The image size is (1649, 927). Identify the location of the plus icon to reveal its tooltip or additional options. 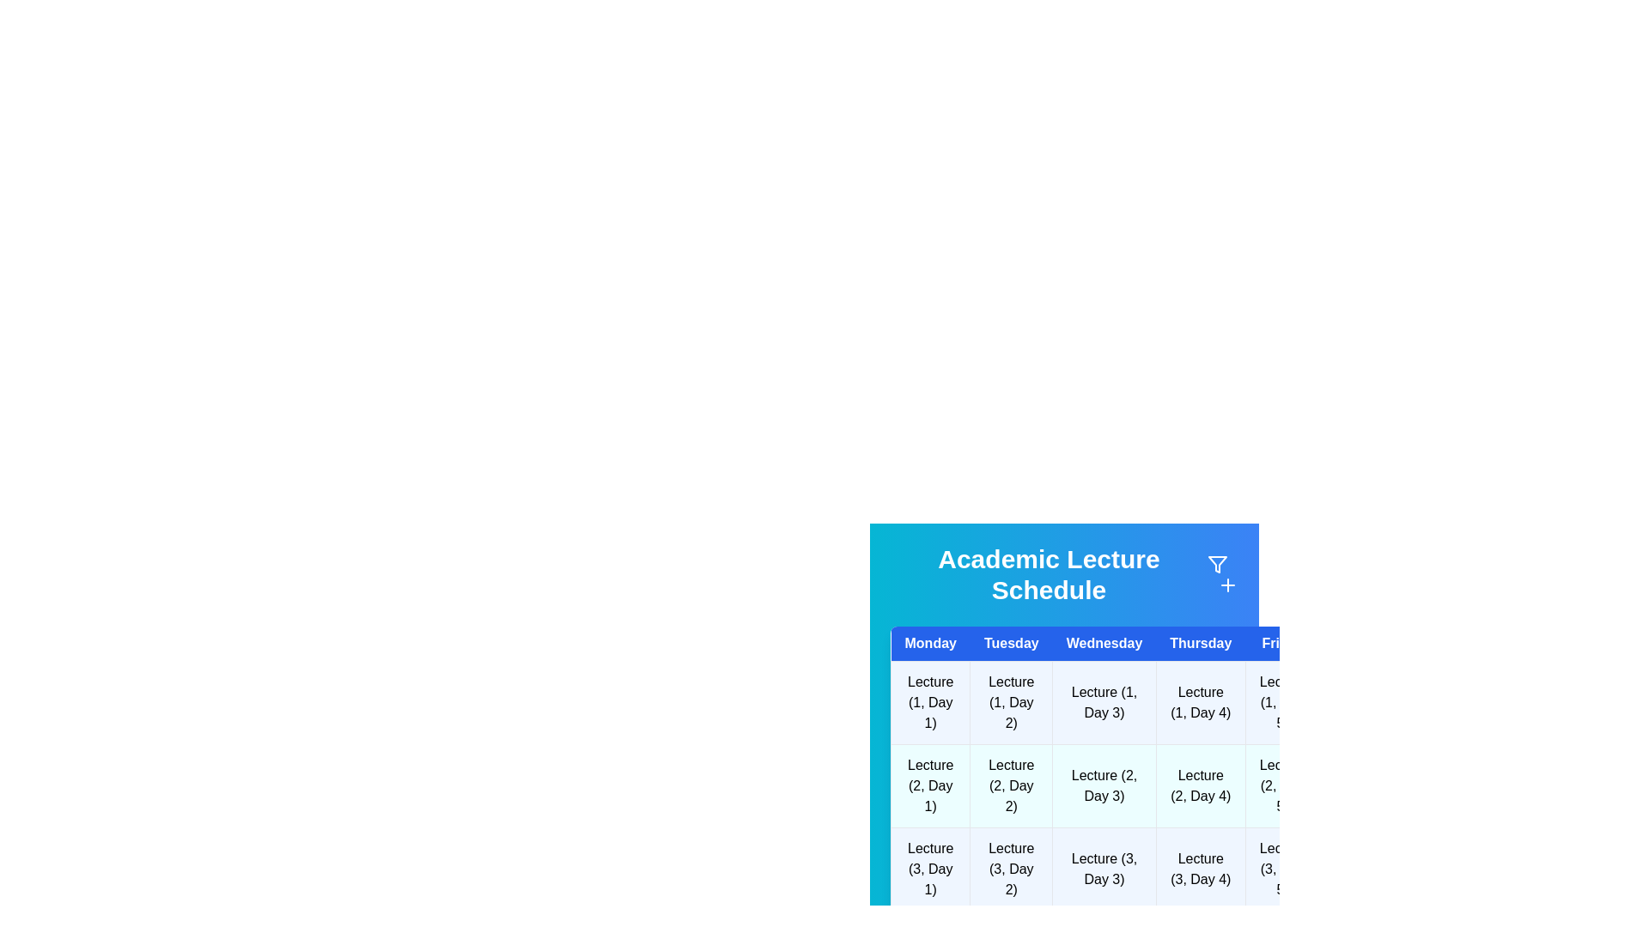
(1227, 585).